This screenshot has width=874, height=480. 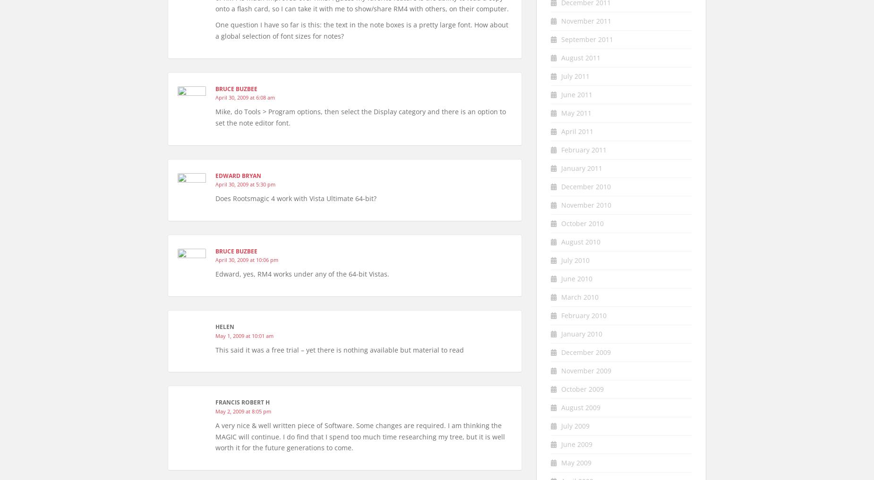 I want to click on 'April 30, 2009 at 6:08 am', so click(x=245, y=97).